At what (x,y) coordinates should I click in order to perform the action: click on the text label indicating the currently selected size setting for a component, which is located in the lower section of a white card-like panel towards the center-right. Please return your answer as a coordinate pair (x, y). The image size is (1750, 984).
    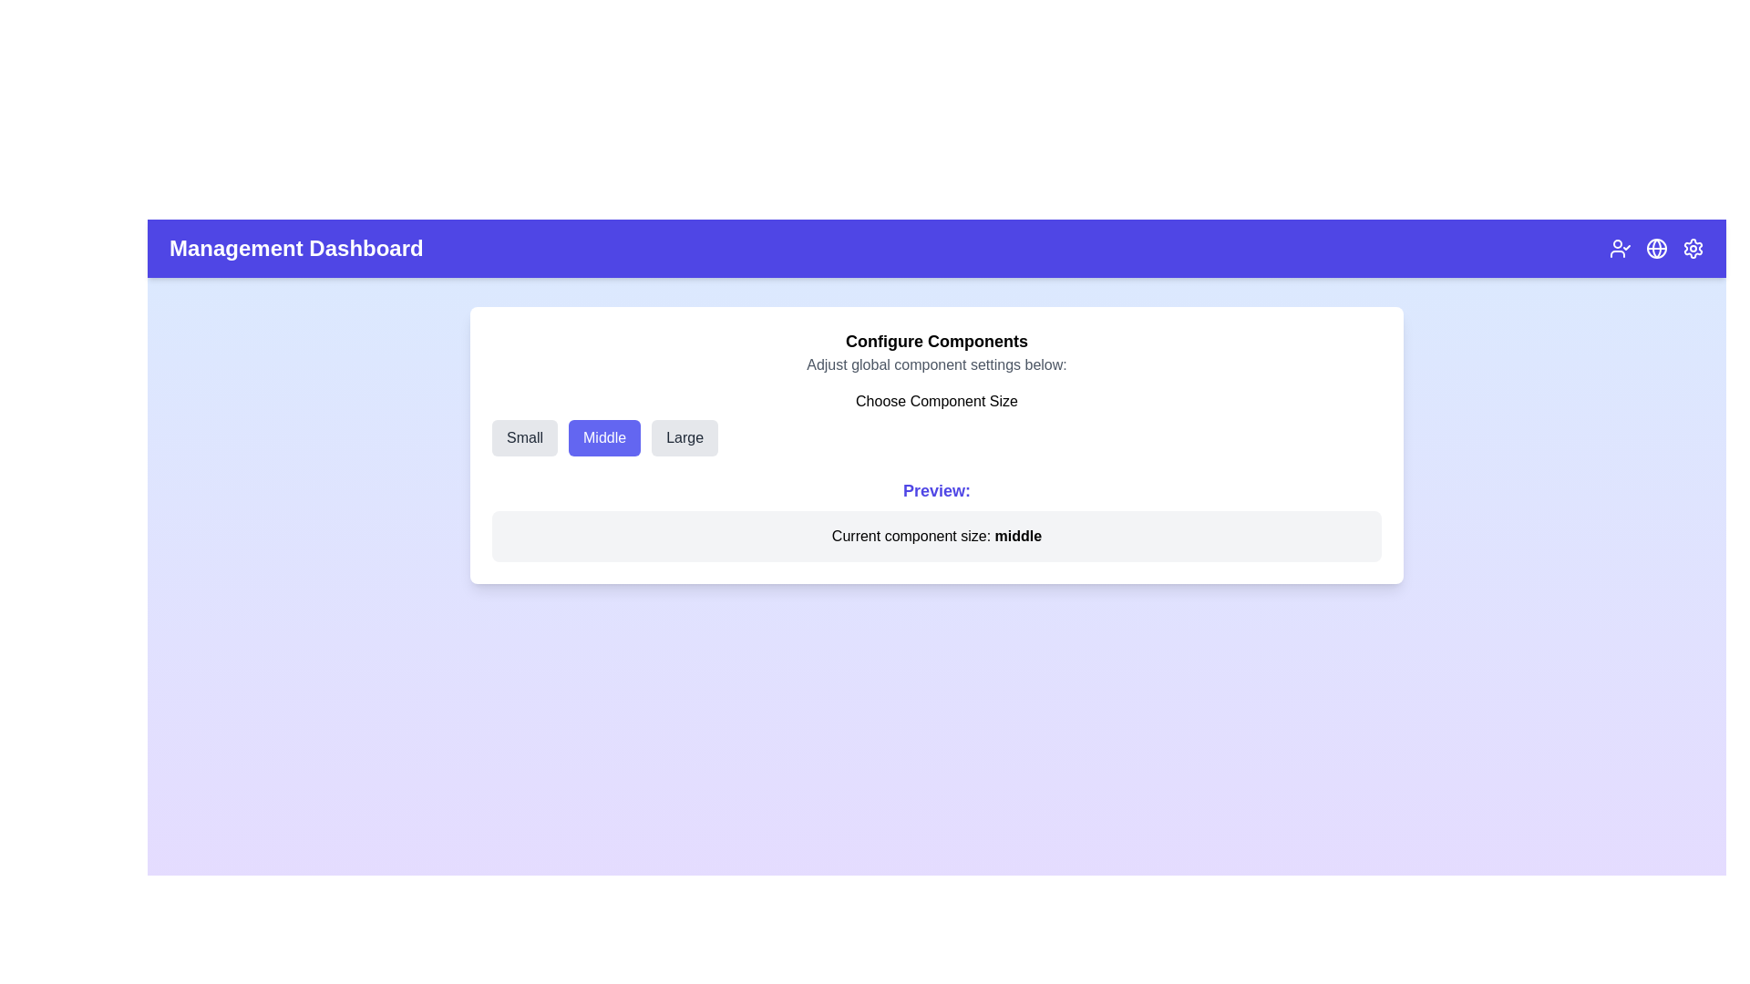
    Looking at the image, I should click on (1017, 535).